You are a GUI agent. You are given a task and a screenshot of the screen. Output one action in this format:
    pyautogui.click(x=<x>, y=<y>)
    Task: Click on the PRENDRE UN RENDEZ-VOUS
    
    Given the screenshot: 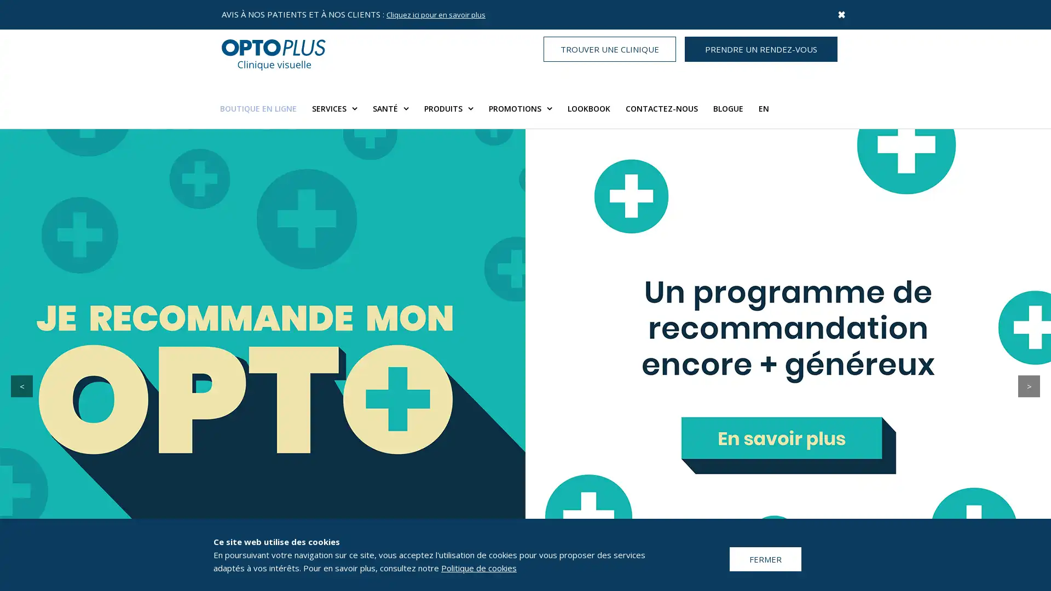 What is the action you would take?
    pyautogui.click(x=760, y=48)
    